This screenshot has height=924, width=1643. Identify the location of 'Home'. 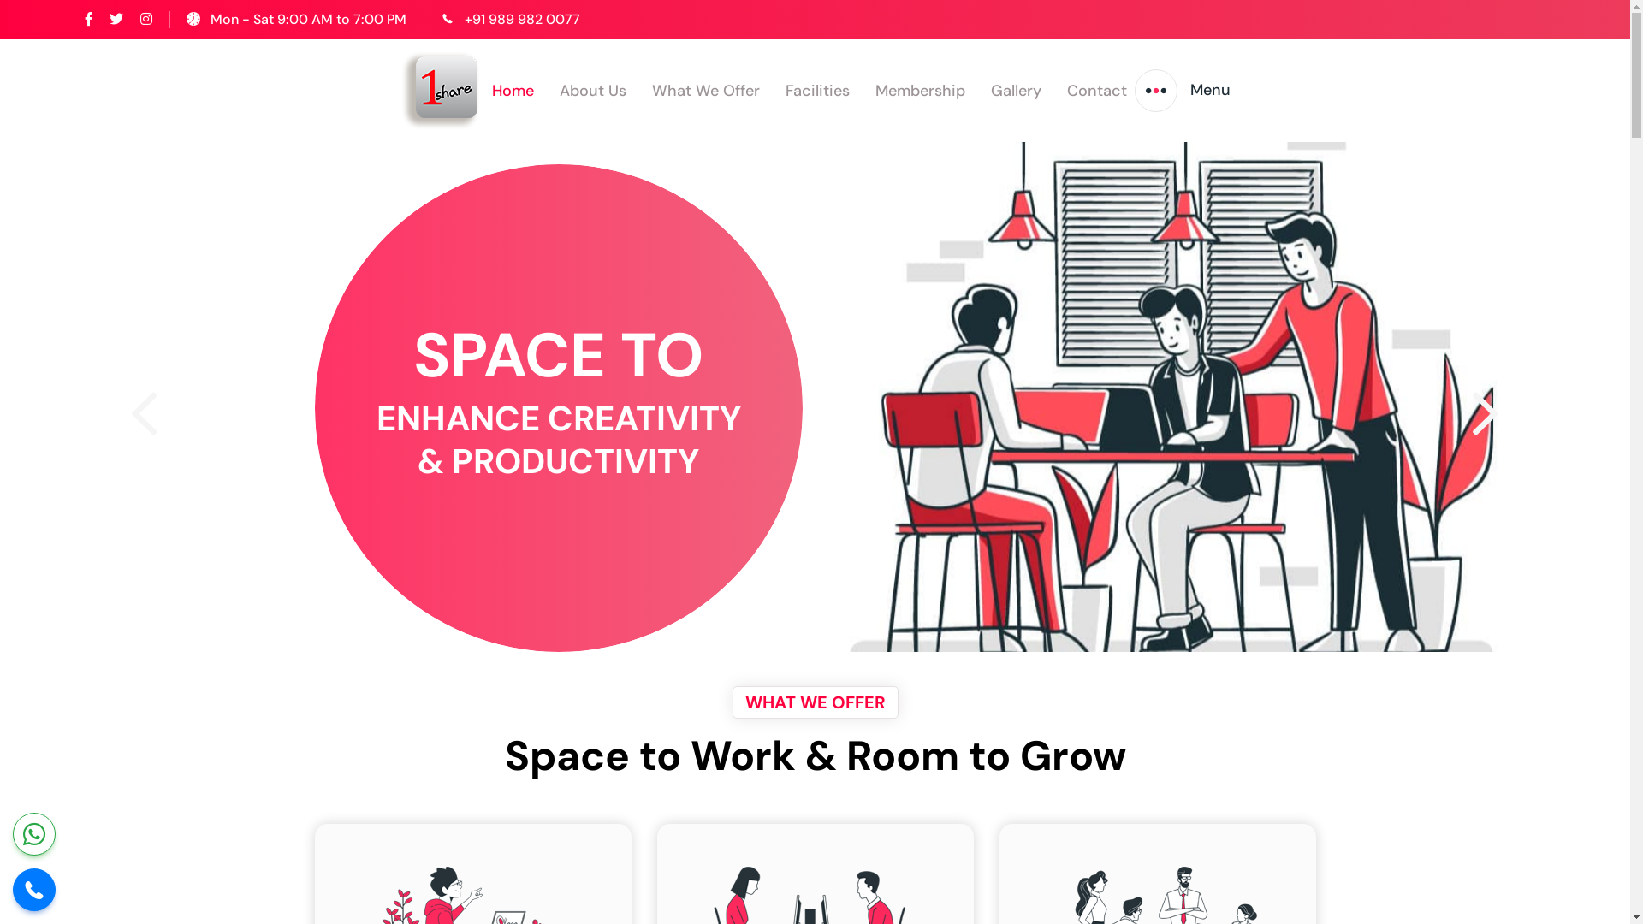
(512, 90).